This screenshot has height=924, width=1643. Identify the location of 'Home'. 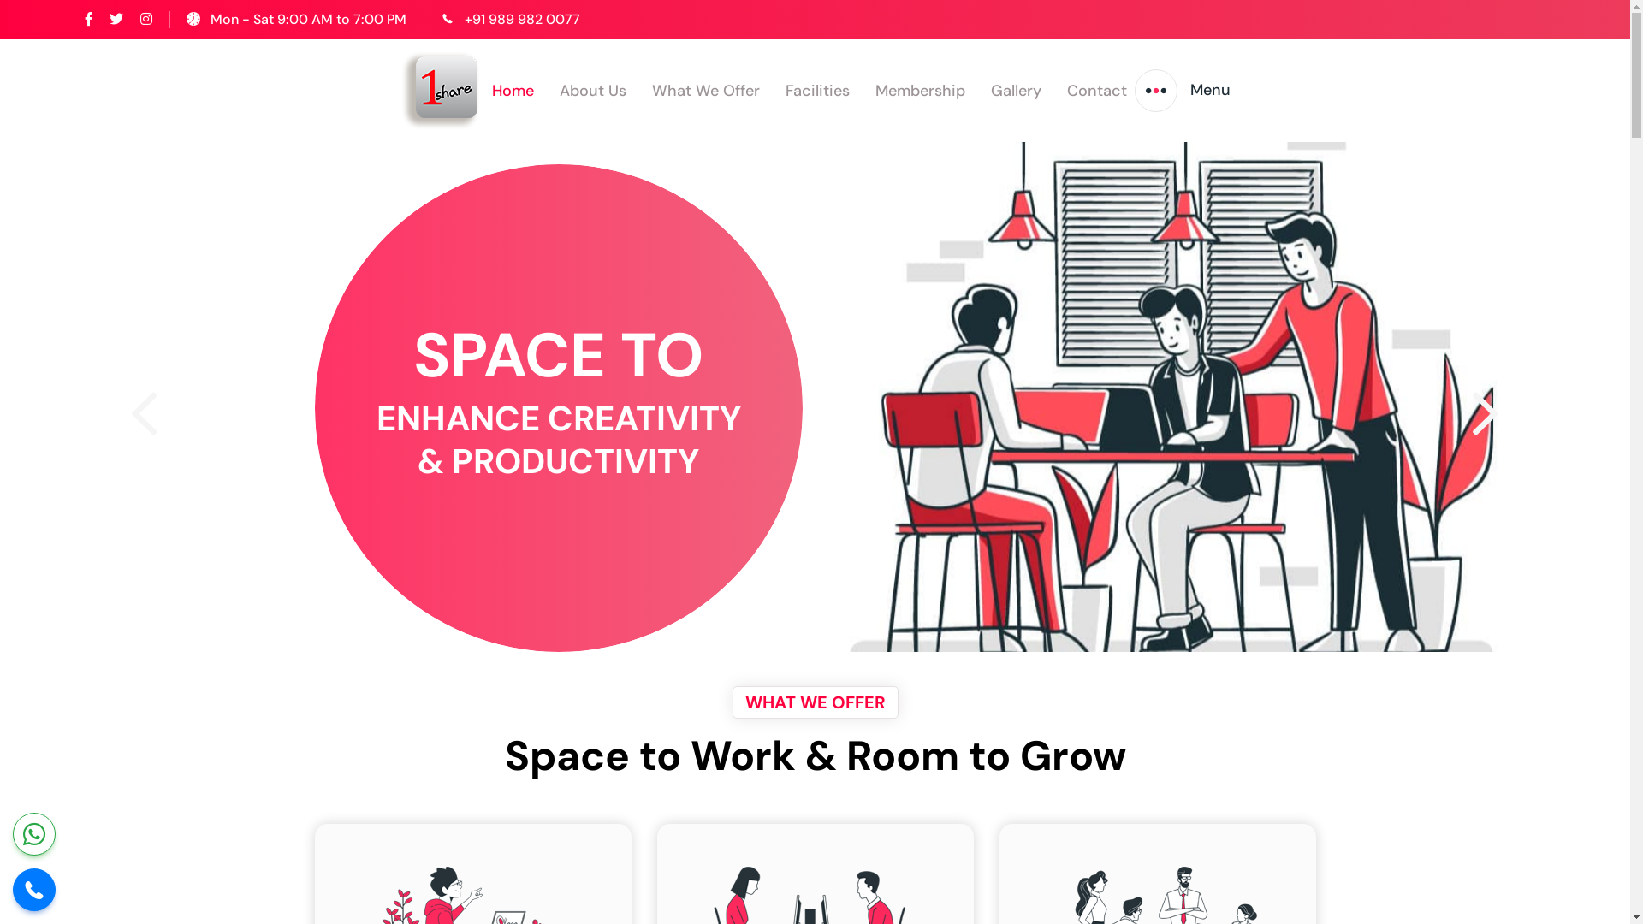
(512, 90).